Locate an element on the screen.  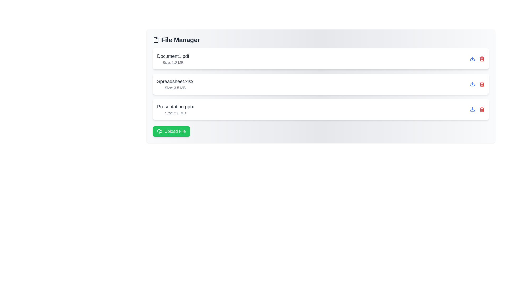
the file name Document1.pdf to select it is located at coordinates (173, 56).